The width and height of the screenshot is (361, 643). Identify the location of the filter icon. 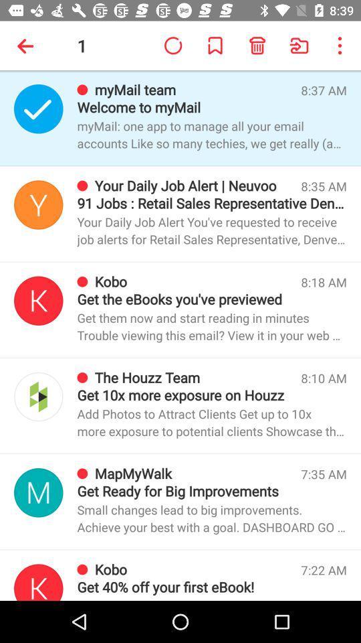
(38, 204).